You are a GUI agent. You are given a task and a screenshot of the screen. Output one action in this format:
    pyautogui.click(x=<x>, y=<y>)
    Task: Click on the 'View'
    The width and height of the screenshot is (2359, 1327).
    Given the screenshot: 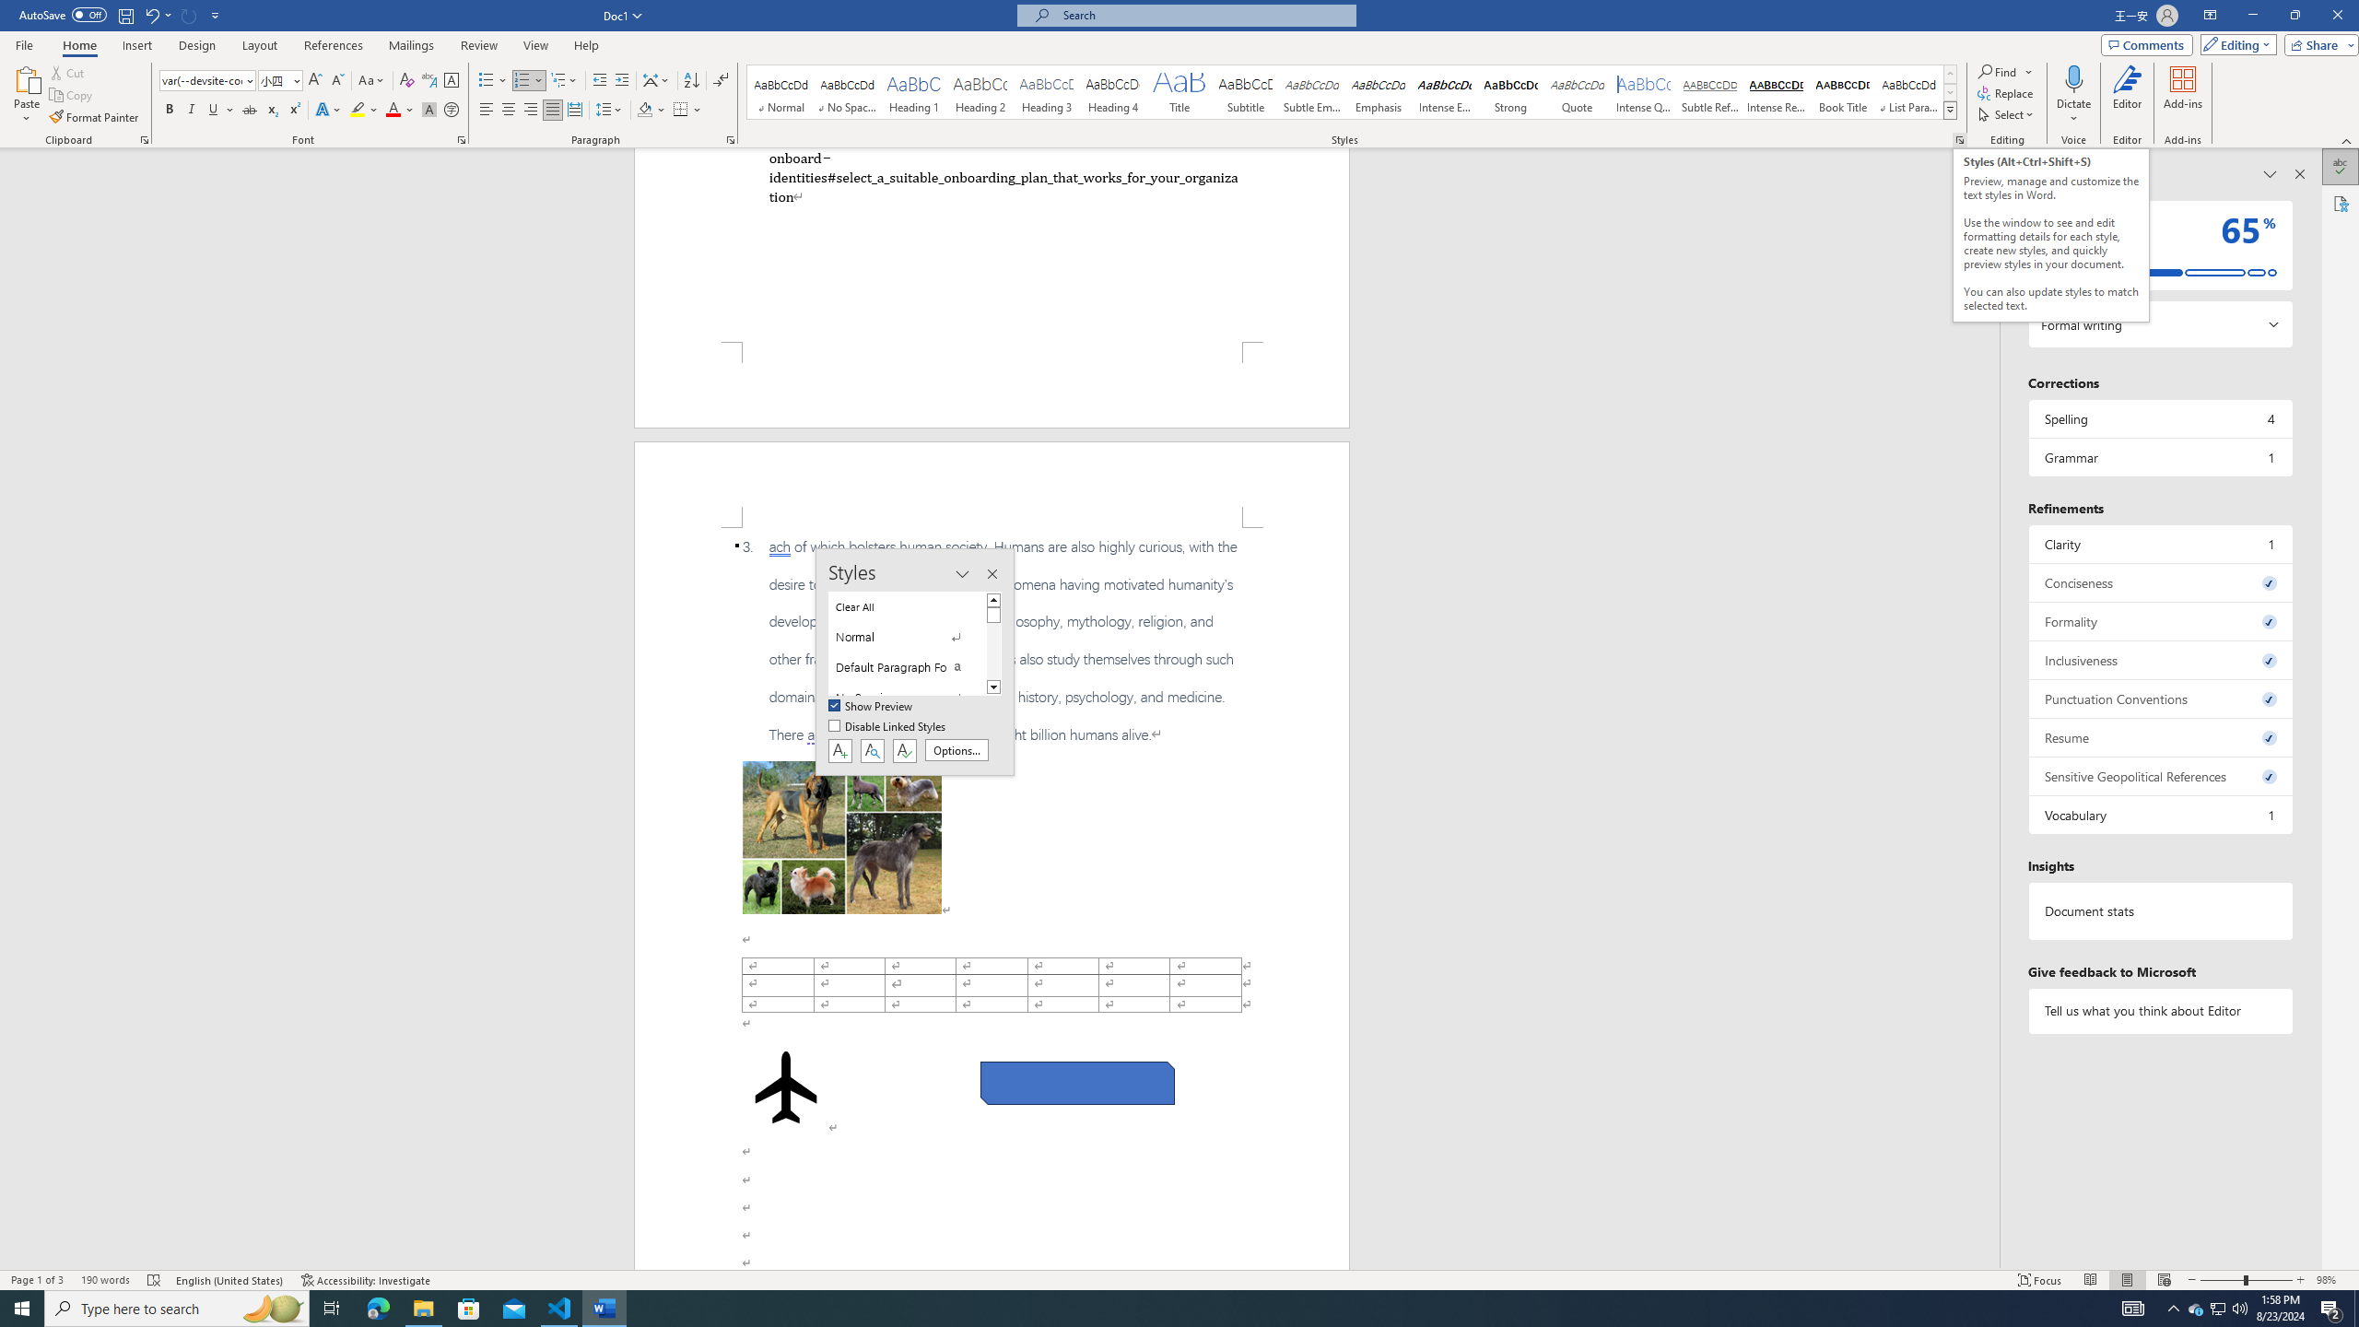 What is the action you would take?
    pyautogui.click(x=536, y=45)
    